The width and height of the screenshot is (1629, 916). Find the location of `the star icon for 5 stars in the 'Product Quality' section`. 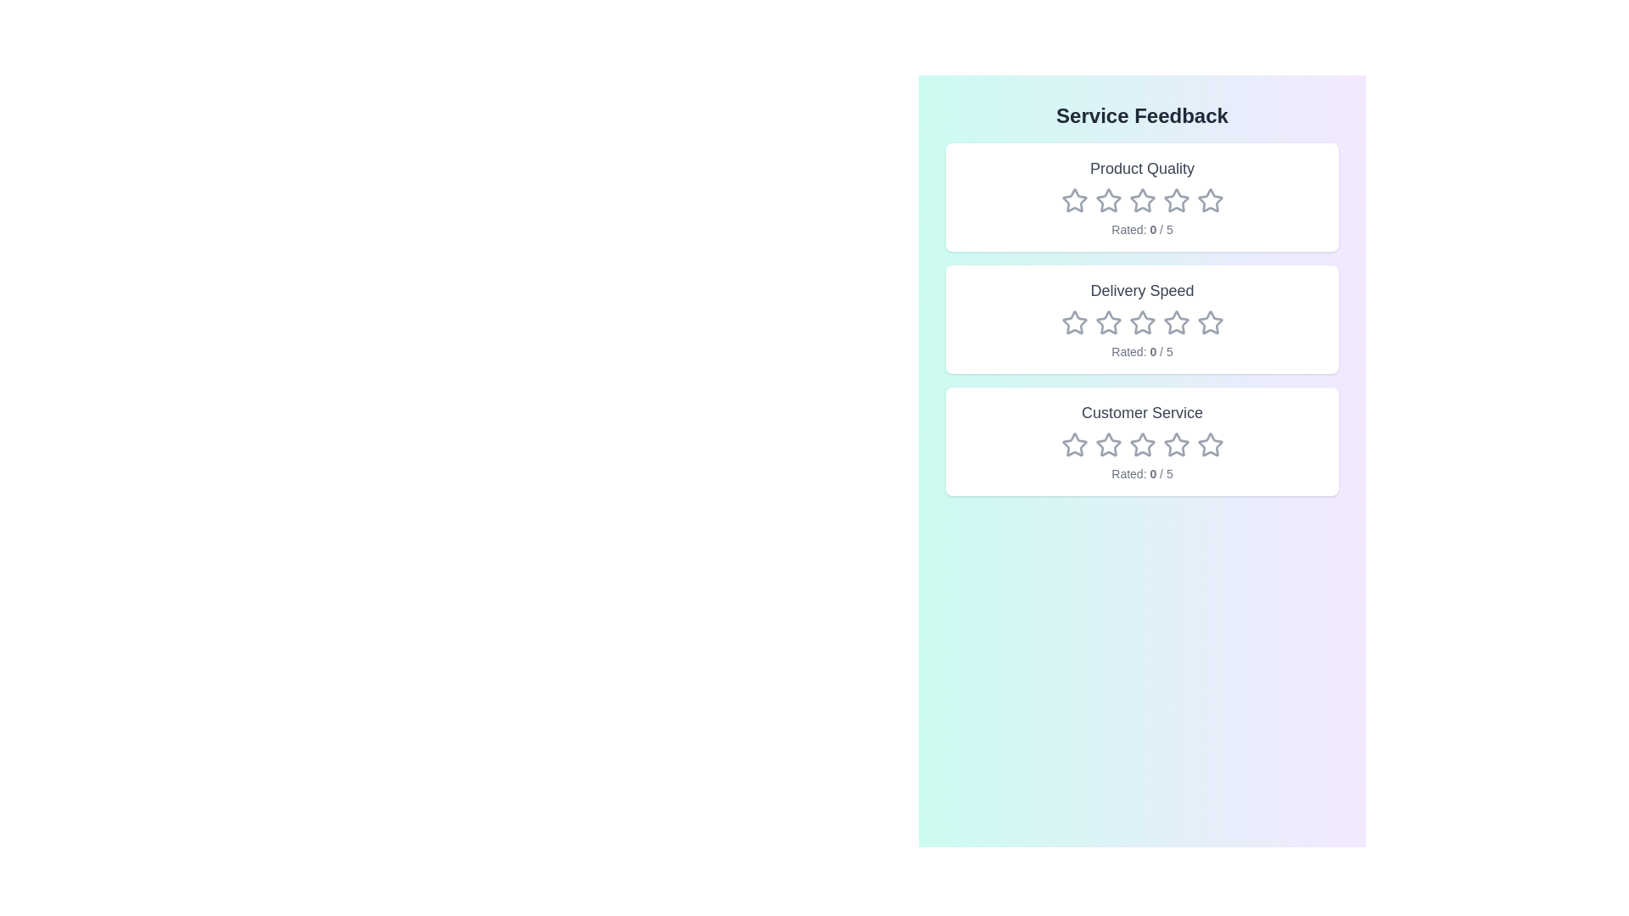

the star icon for 5 stars in the 'Product Quality' section is located at coordinates (1209, 199).